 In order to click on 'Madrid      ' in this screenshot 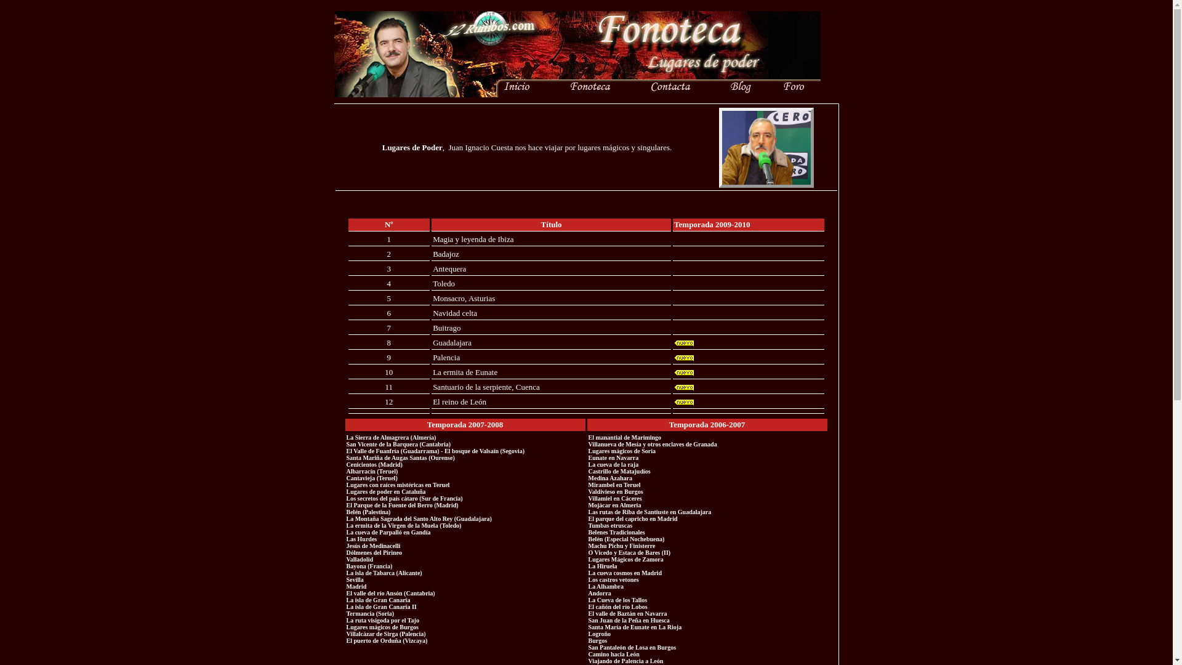, I will do `click(360, 586)`.